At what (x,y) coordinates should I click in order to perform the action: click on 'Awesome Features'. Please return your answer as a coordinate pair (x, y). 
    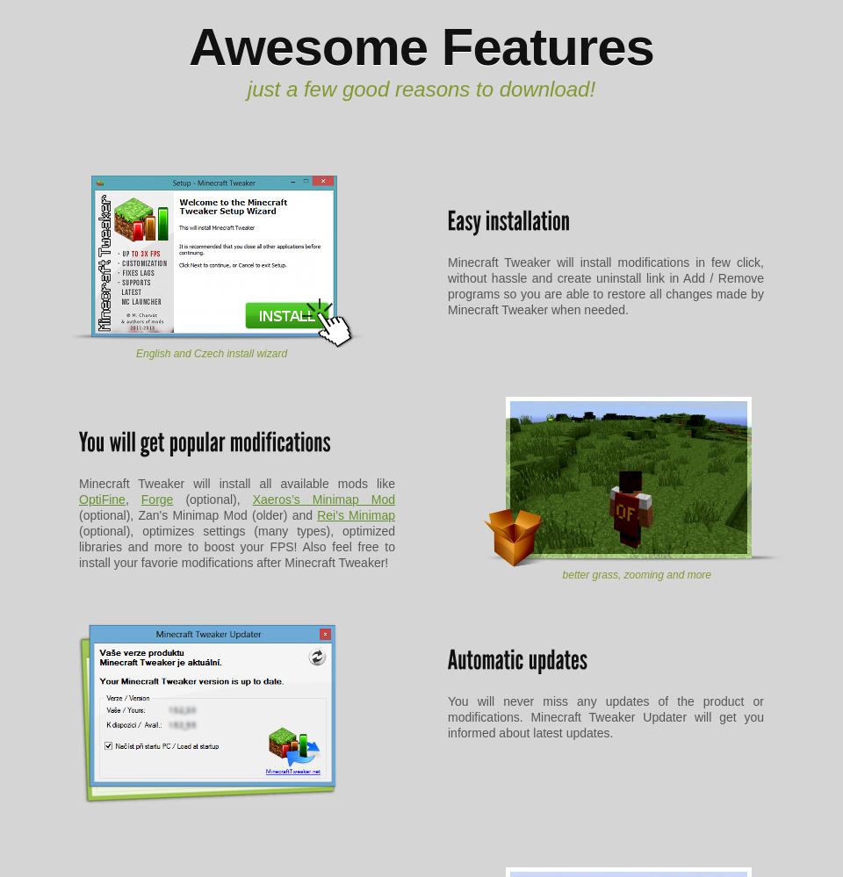
    Looking at the image, I should click on (421, 47).